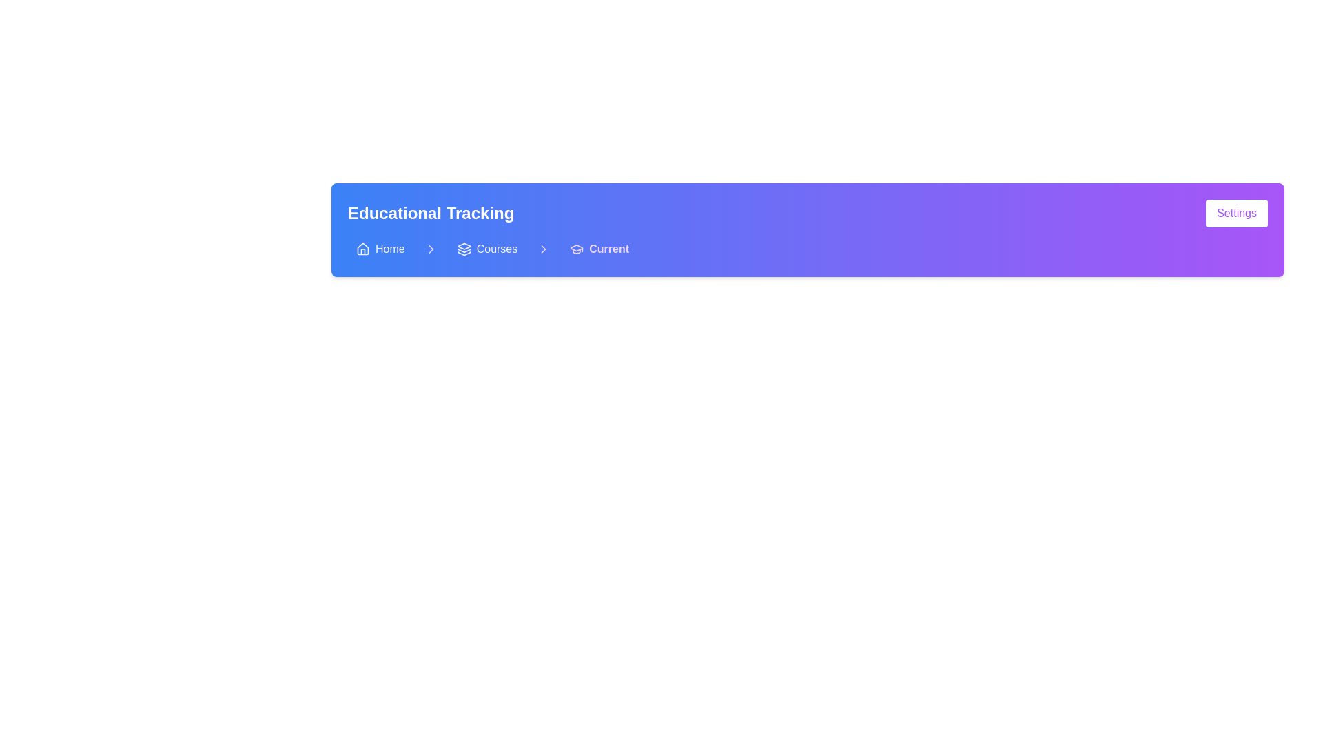 The width and height of the screenshot is (1323, 744). Describe the element at coordinates (599, 249) in the screenshot. I see `the Breadcrumb navigation item labeled 'Current' which is styled in bold purple text and accompanied by a graduation cap icon` at that location.